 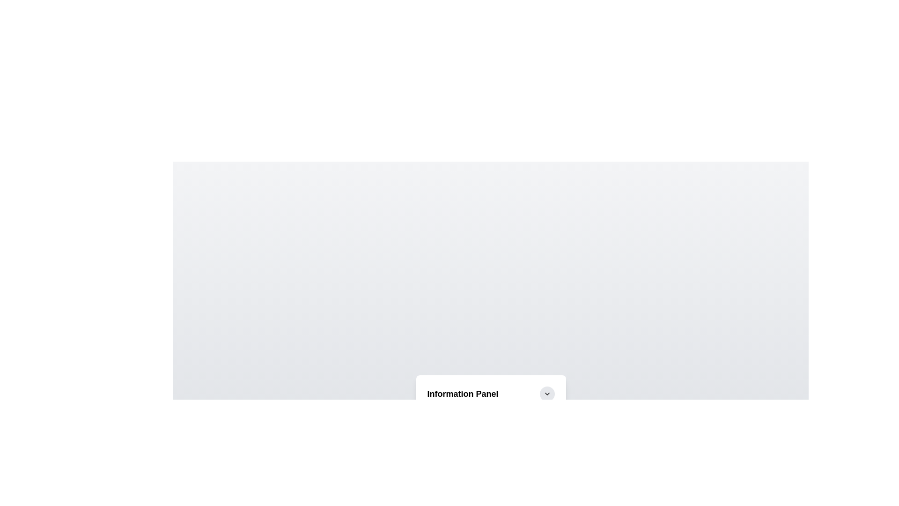 I want to click on the toggle button to change the panel's expanded state, so click(x=547, y=394).